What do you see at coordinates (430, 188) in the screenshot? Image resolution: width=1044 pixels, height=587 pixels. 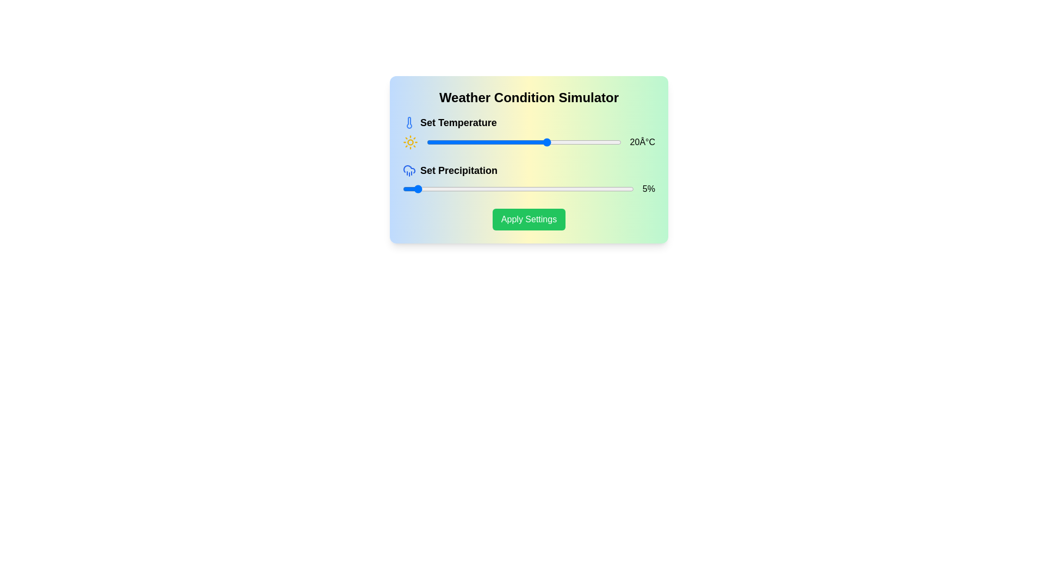 I see `the precipitation slider to 12%` at bounding box center [430, 188].